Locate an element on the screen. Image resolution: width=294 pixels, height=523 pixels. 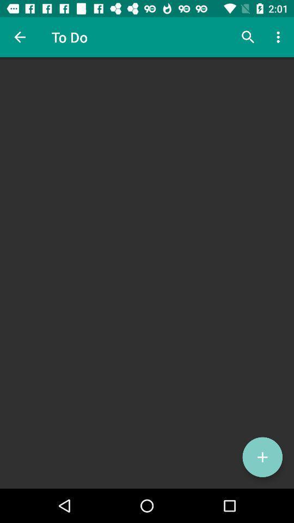
icon to the right of the to do item is located at coordinates (248, 37).